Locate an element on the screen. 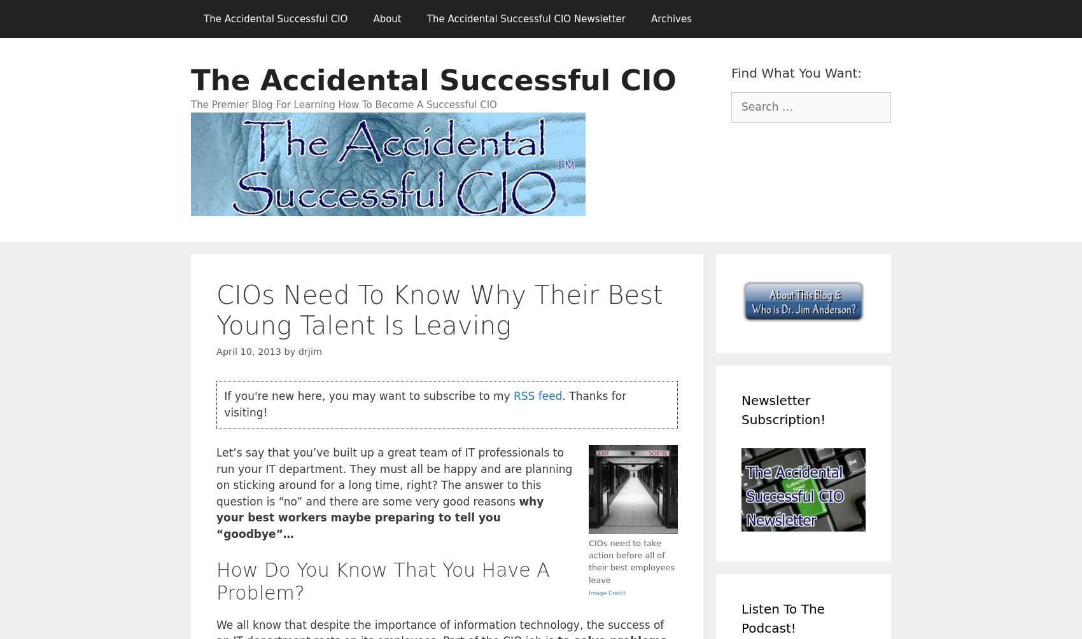 The image size is (1082, 639). 'Find What You Want:' is located at coordinates (796, 72).